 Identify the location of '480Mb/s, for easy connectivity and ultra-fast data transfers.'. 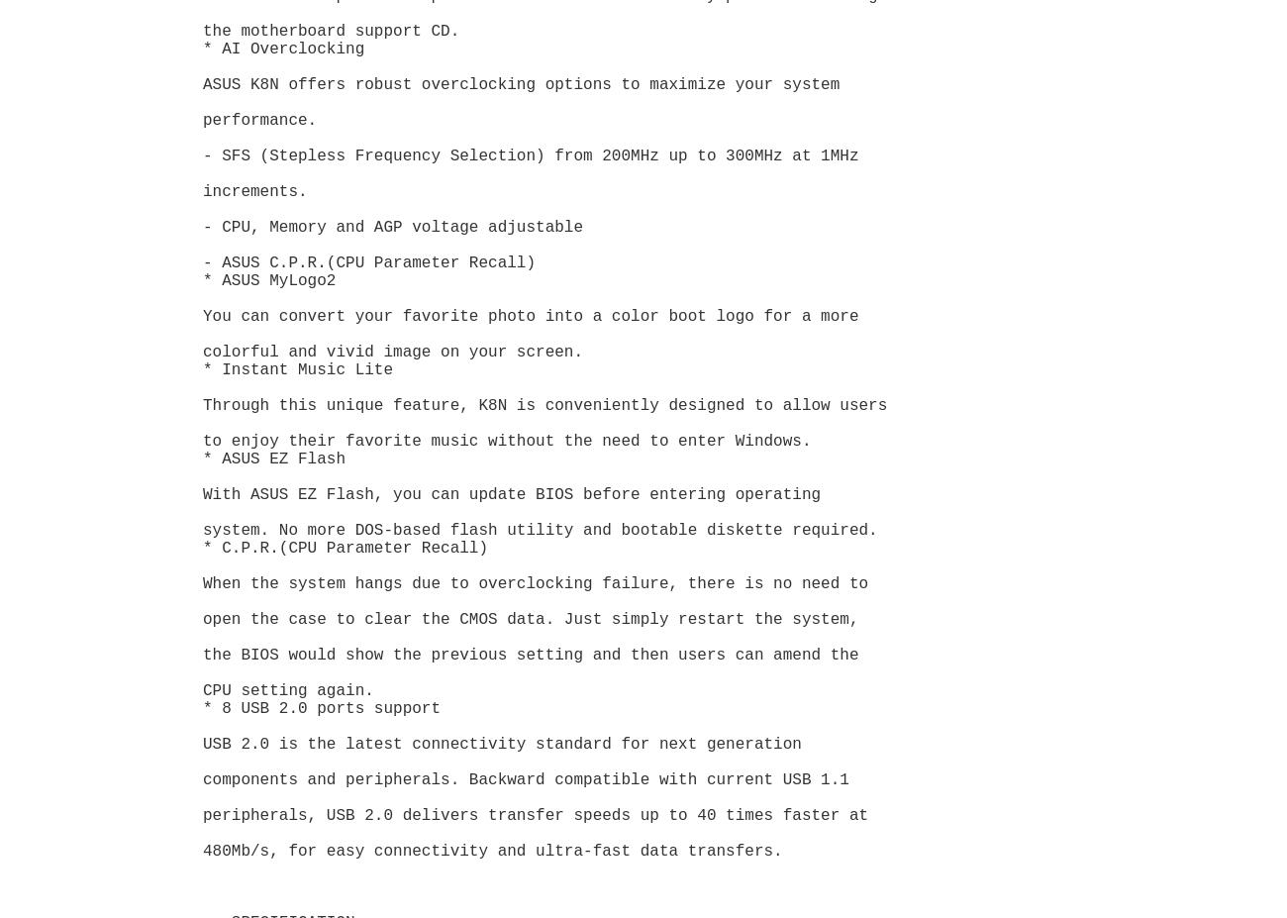
(203, 851).